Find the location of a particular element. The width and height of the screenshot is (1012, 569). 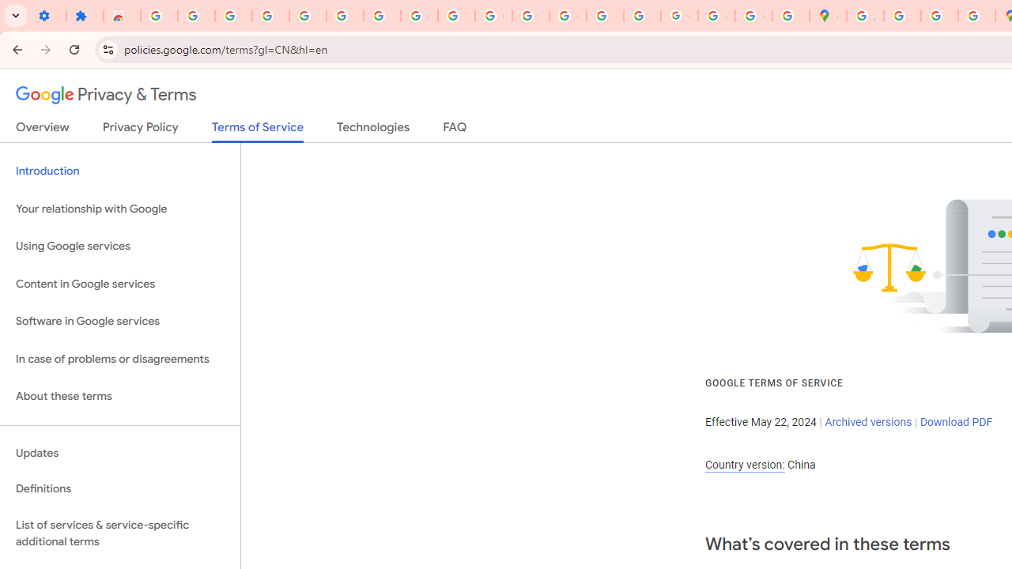

'In case of problems or disagreements' is located at coordinates (119, 359).